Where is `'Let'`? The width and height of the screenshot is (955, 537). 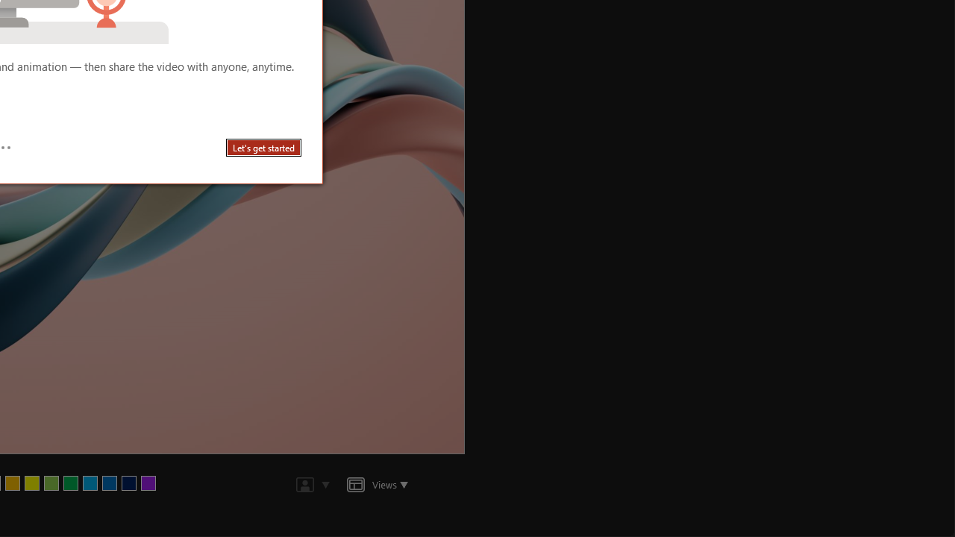 'Let' is located at coordinates (263, 148).